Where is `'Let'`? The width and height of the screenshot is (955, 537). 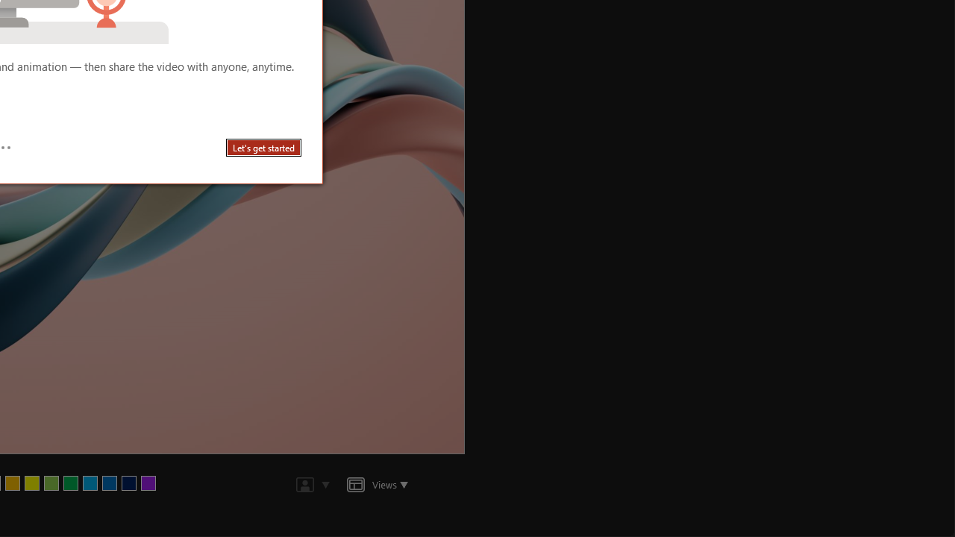 'Let' is located at coordinates (263, 148).